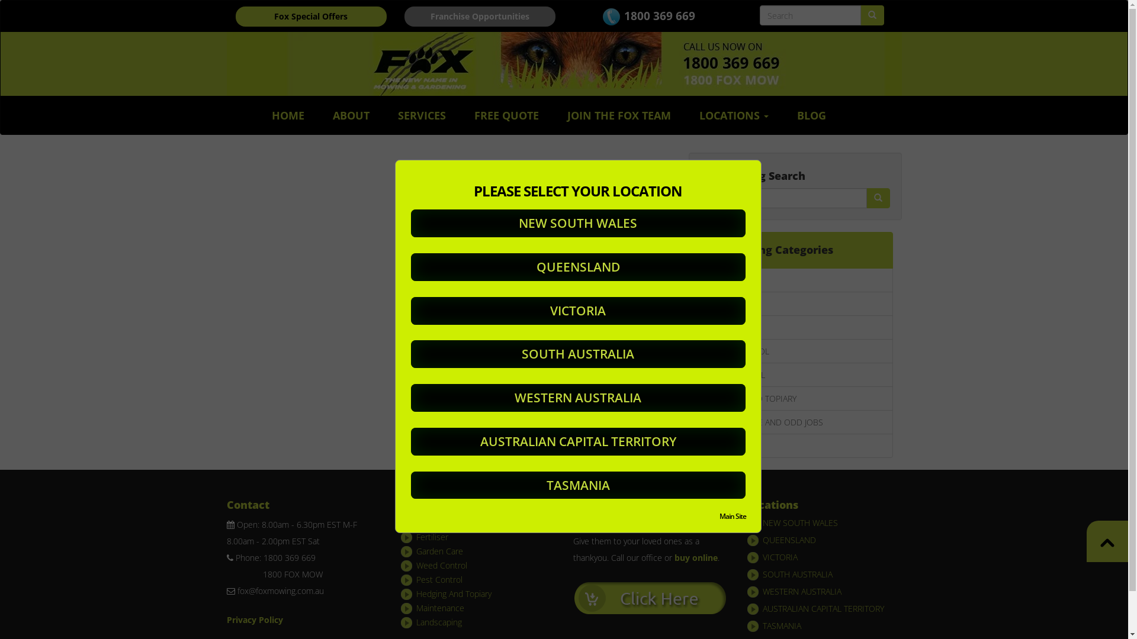  Describe the element at coordinates (422, 115) in the screenshot. I see `'SERVICES'` at that location.